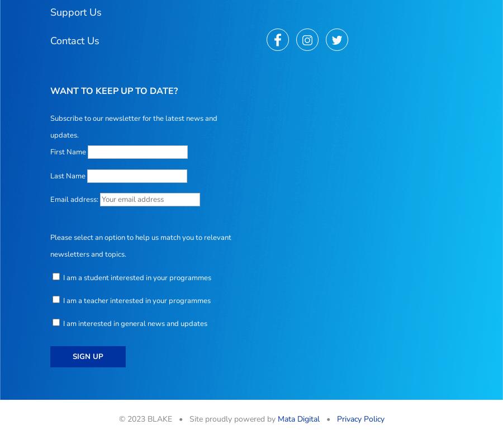 The image size is (503, 430). Describe the element at coordinates (360, 418) in the screenshot. I see `'Privacy Policy'` at that location.